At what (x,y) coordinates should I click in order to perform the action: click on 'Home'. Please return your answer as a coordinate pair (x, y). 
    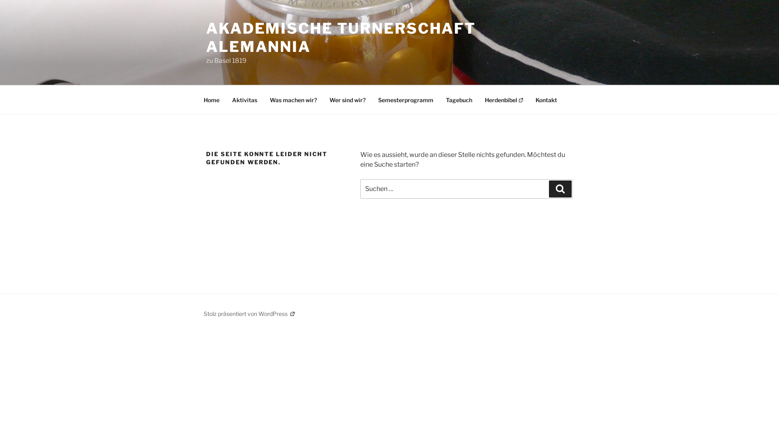
    Looking at the image, I should click on (211, 99).